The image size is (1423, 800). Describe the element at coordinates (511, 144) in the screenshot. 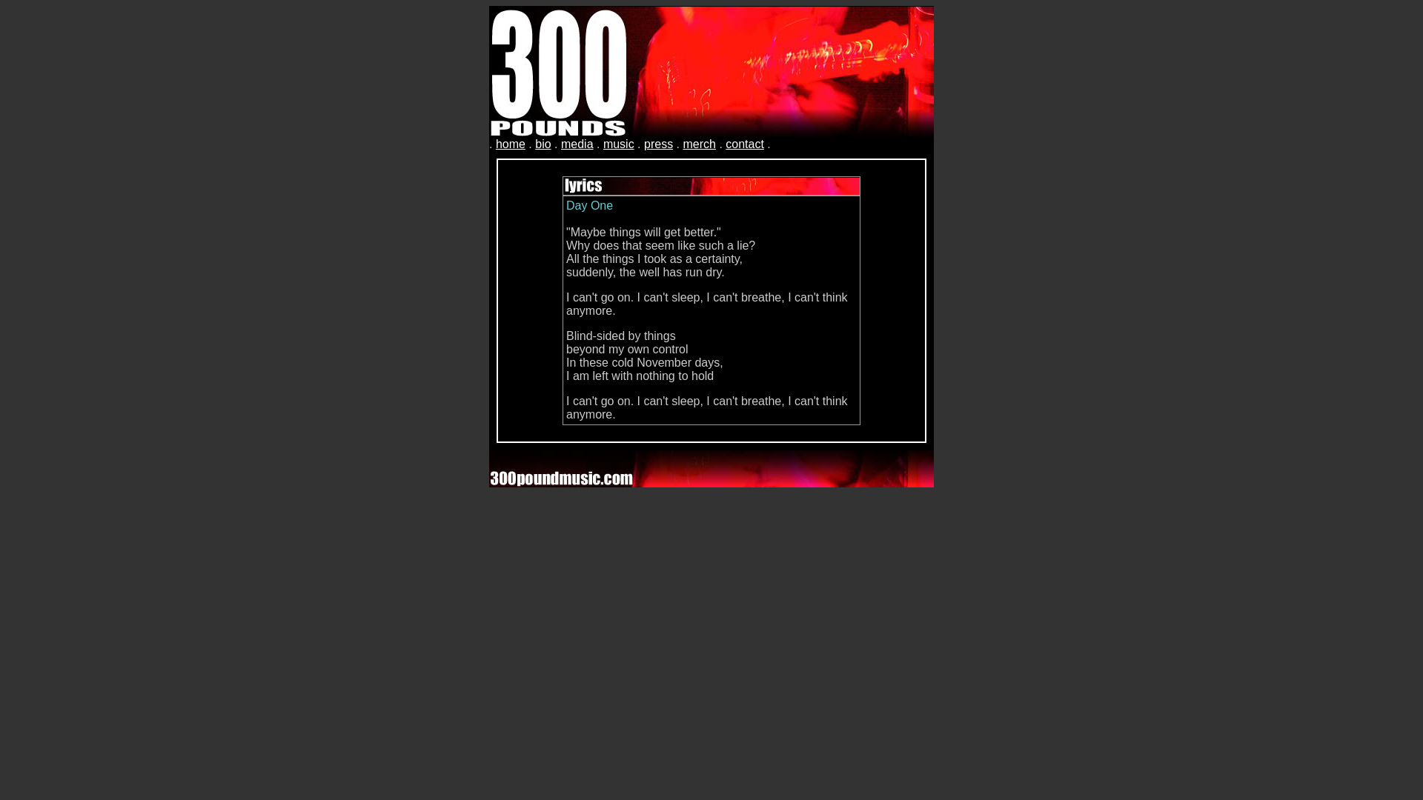

I see `'home'` at that location.